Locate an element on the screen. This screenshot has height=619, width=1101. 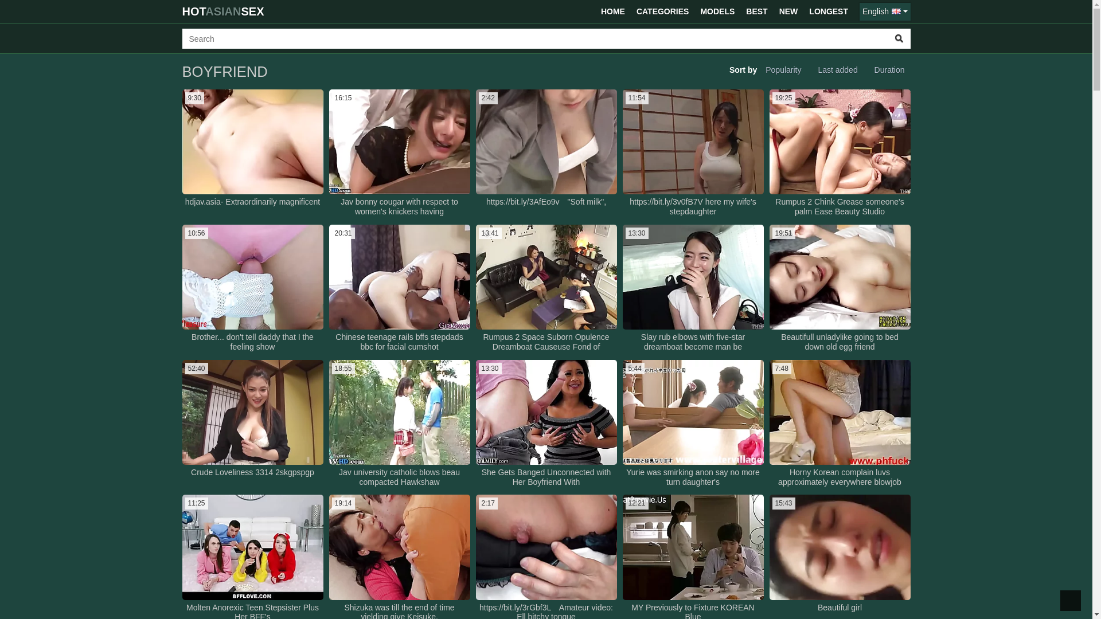
'CATEGORIES' is located at coordinates (631, 11).